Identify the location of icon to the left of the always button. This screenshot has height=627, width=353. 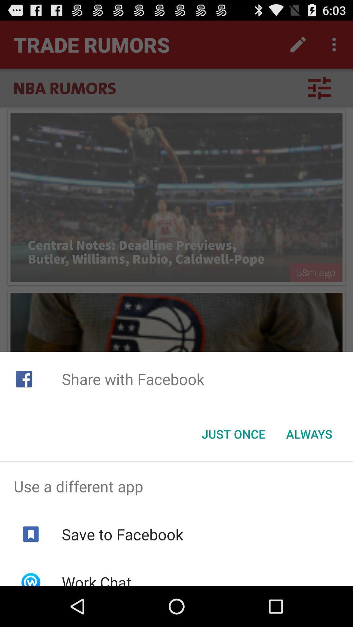
(233, 434).